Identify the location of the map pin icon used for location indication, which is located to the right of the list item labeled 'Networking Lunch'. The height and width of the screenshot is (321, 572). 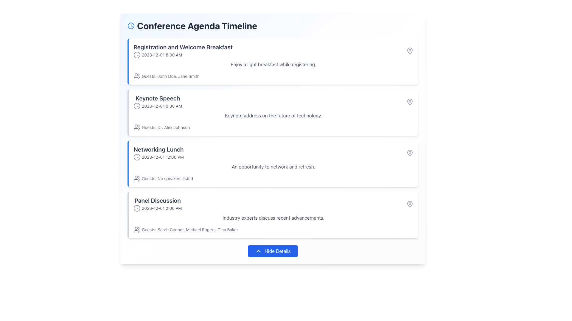
(410, 204).